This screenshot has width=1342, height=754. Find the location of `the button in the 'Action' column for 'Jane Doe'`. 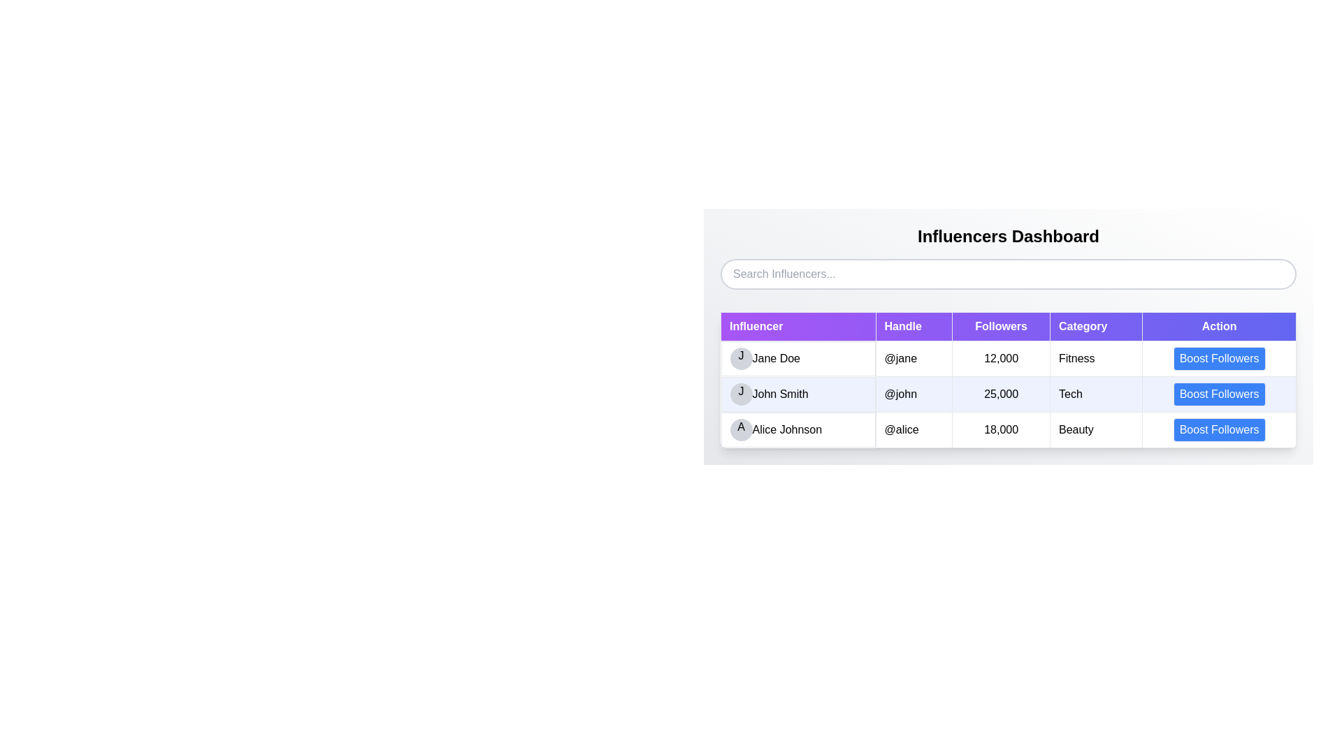

the button in the 'Action' column for 'Jane Doe' is located at coordinates (1218, 357).